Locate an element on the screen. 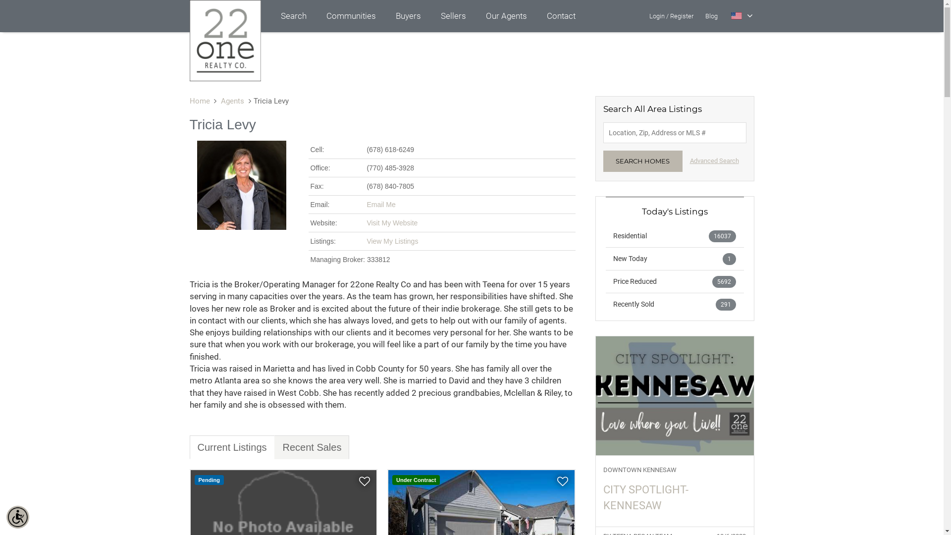 The image size is (951, 535). 'Agents' is located at coordinates (220, 101).